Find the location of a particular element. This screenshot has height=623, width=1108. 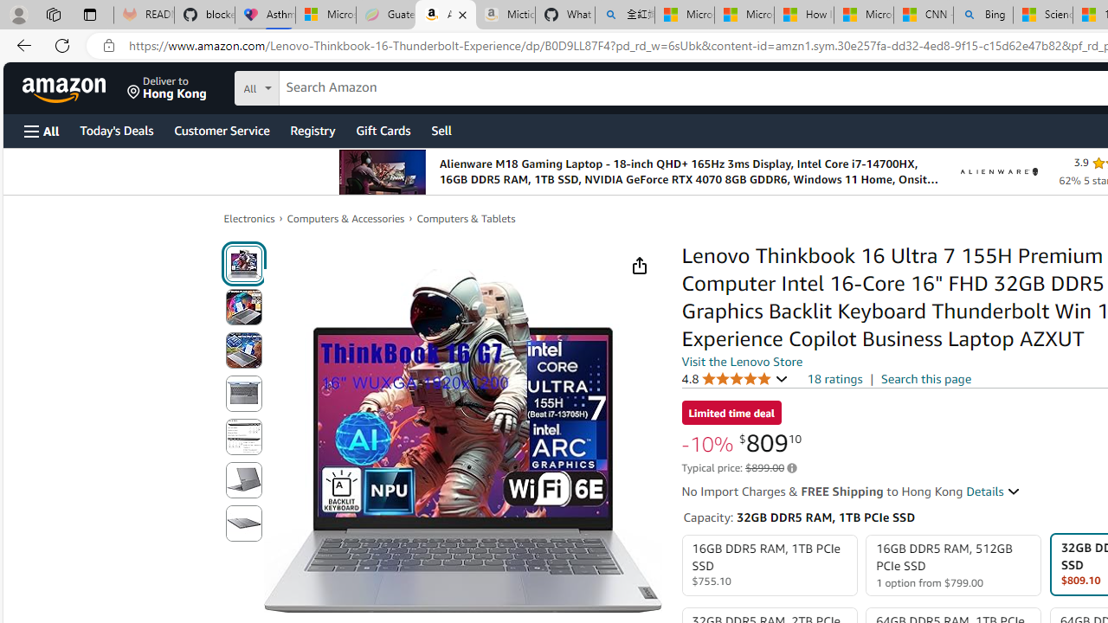

'Open Menu' is located at coordinates (42, 130).